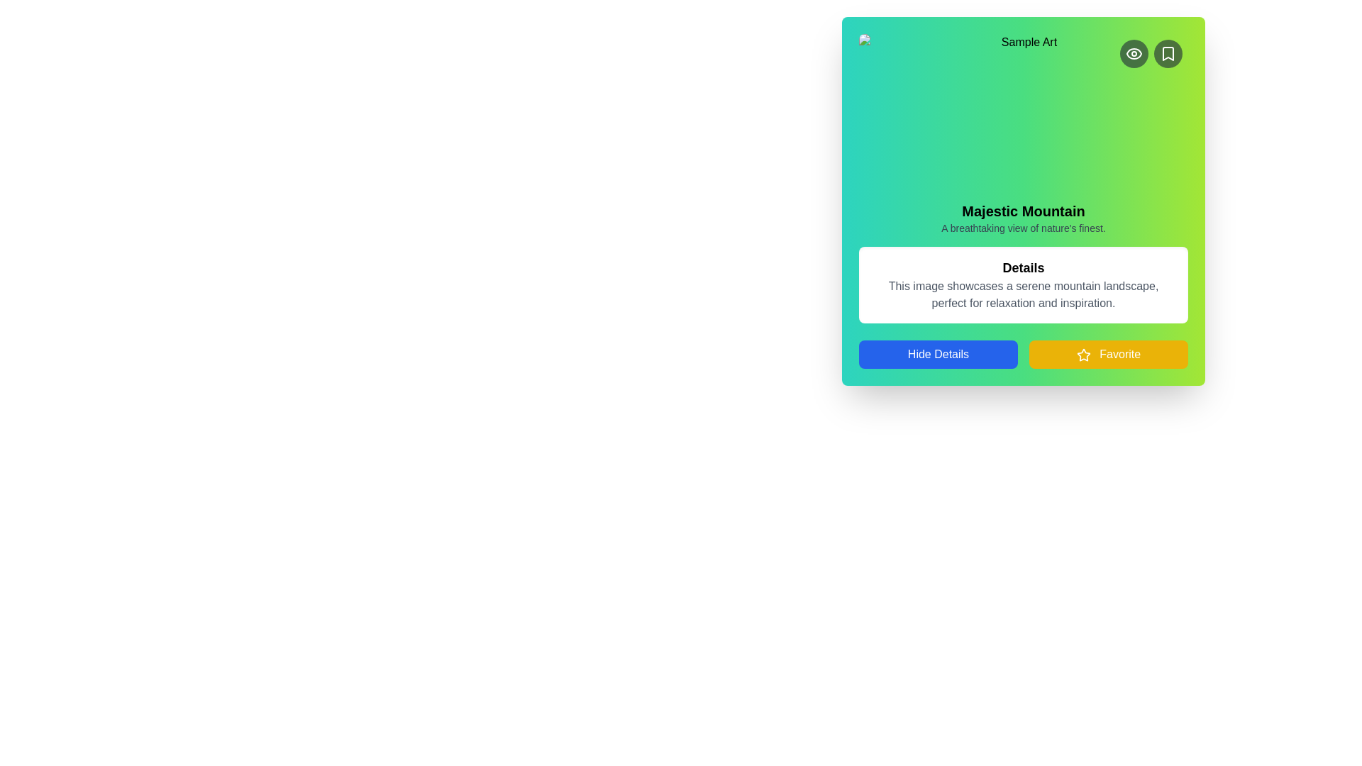  I want to click on the favorite button located to the right of the 'Hide Details' button at the bottom of the card, so click(1108, 354).